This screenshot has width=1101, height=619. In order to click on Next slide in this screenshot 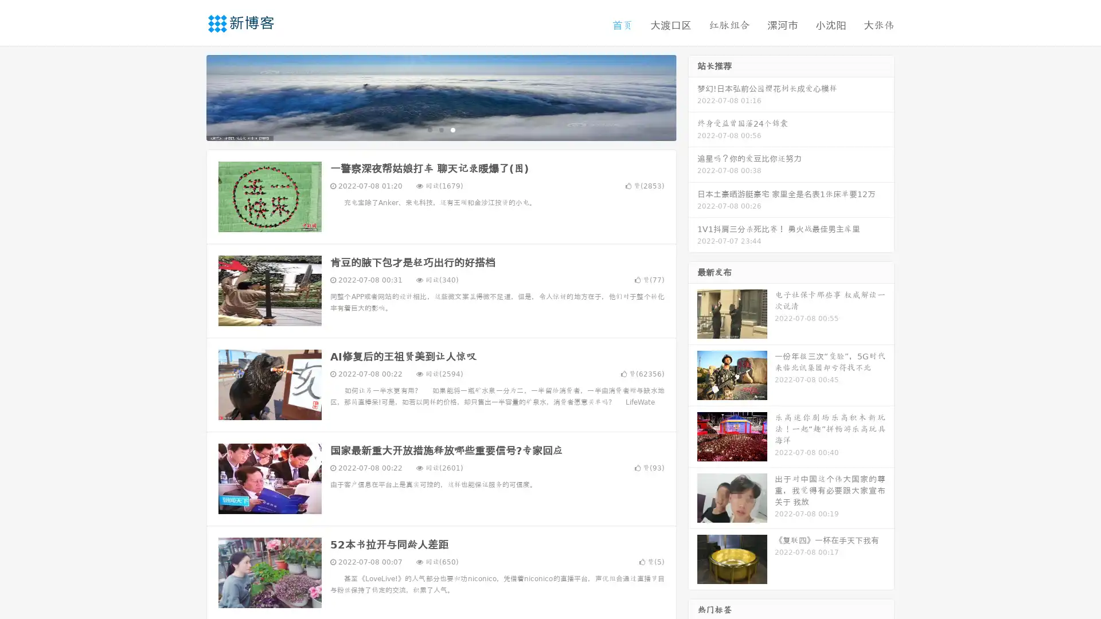, I will do `click(693, 96)`.